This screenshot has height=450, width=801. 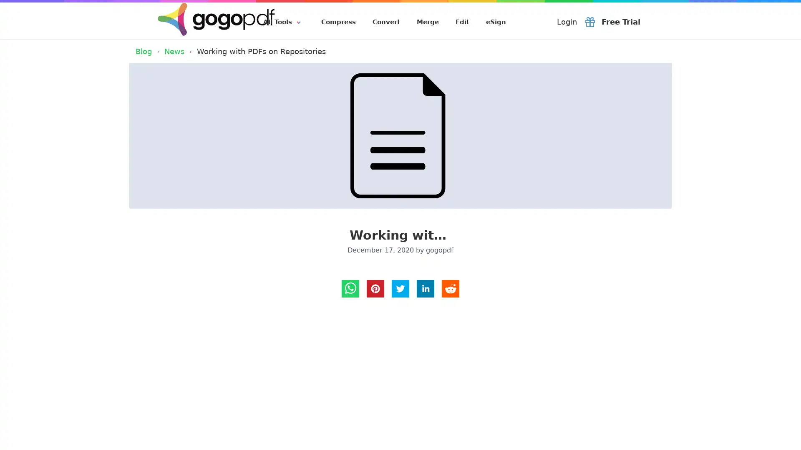 I want to click on pinterest, so click(x=375, y=288).